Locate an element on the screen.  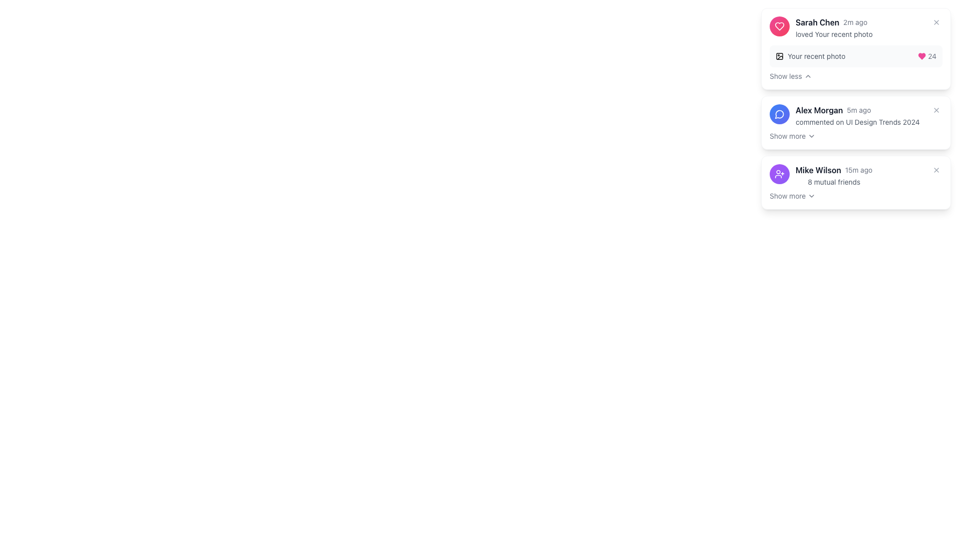
the Notification card for 'Mike Wilson' is located at coordinates (855, 175).